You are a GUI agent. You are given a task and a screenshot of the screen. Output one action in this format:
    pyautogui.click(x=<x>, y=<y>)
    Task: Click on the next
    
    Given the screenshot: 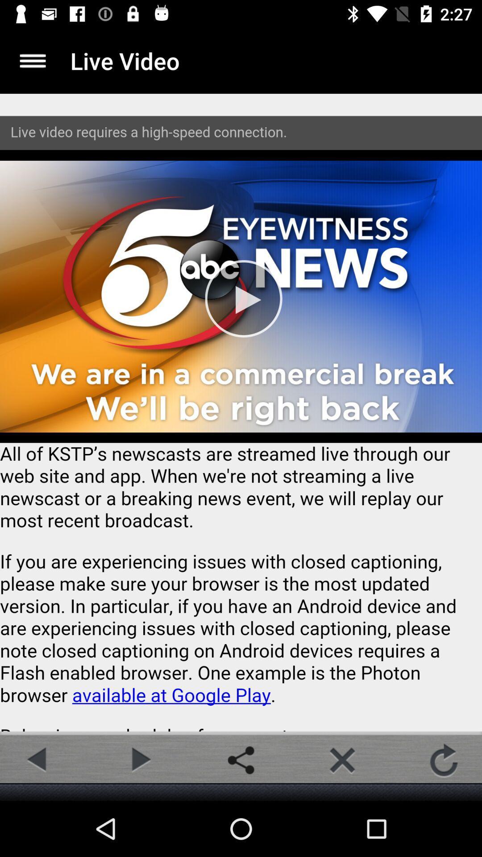 What is the action you would take?
    pyautogui.click(x=139, y=760)
    